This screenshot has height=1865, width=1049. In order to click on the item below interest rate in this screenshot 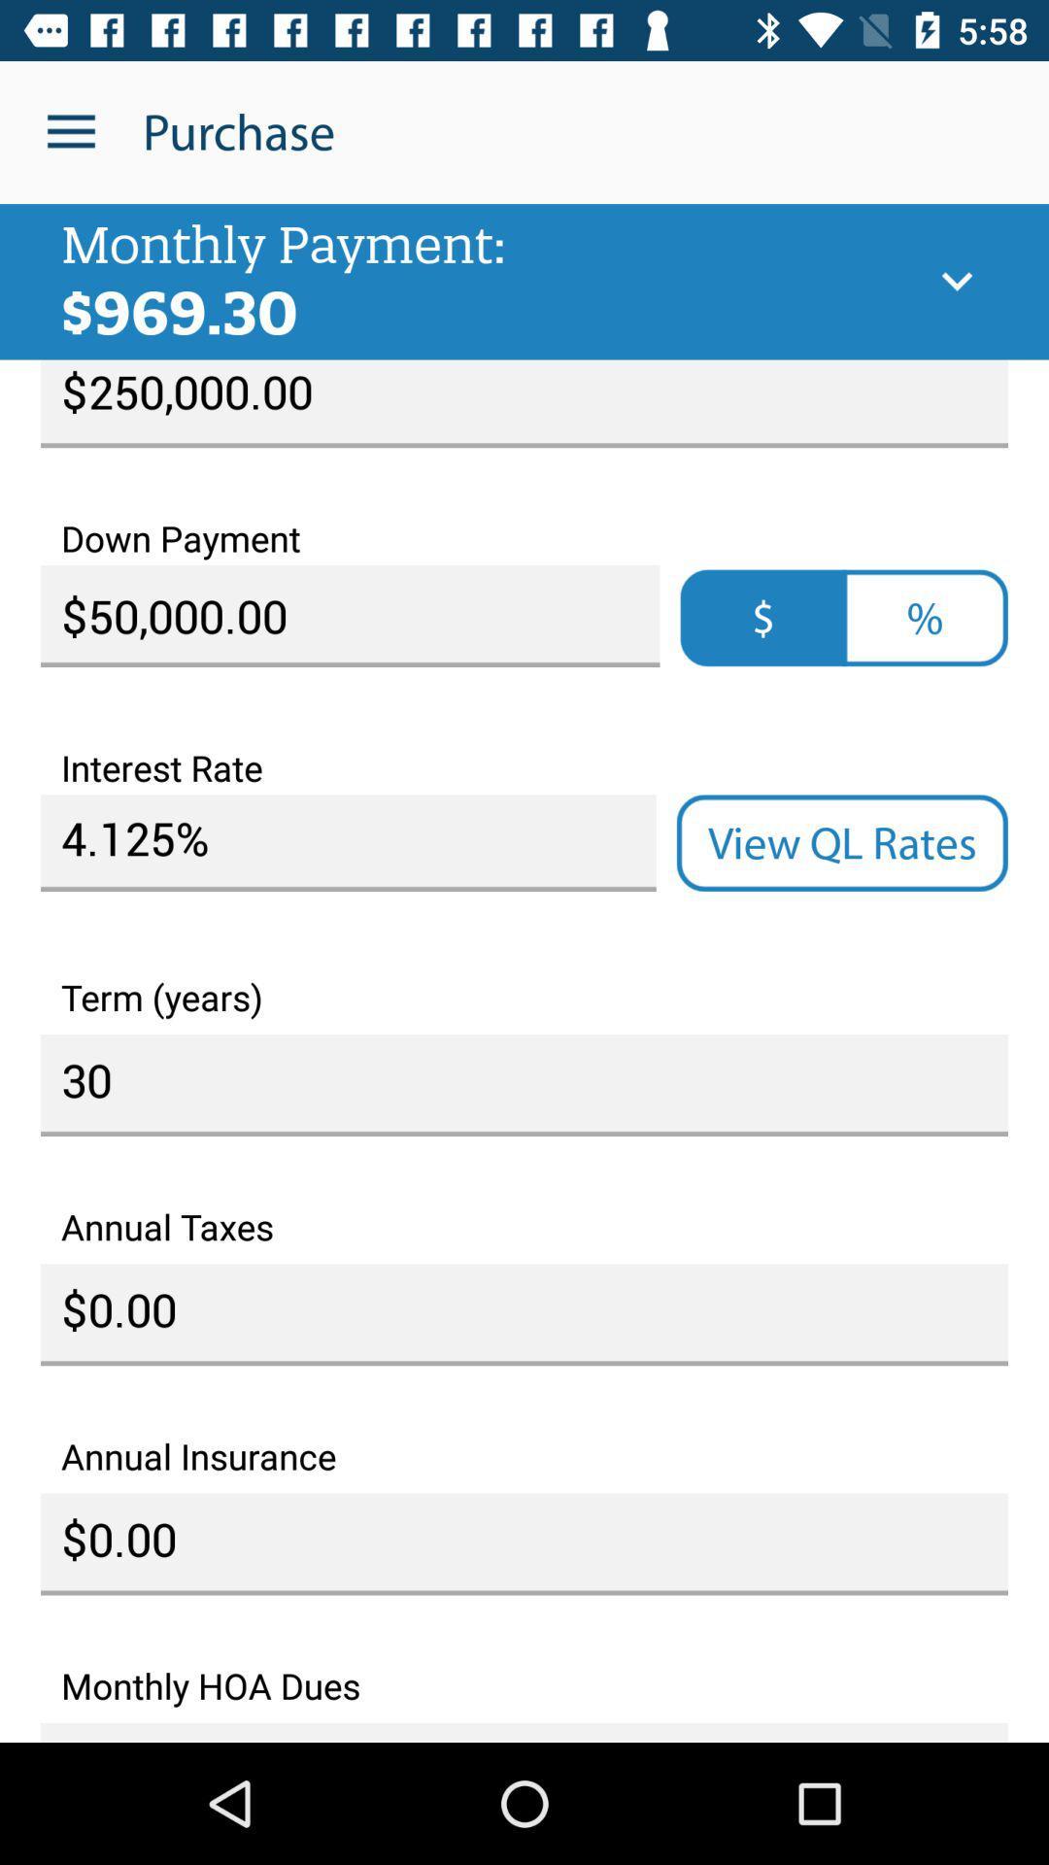, I will do `click(347, 843)`.